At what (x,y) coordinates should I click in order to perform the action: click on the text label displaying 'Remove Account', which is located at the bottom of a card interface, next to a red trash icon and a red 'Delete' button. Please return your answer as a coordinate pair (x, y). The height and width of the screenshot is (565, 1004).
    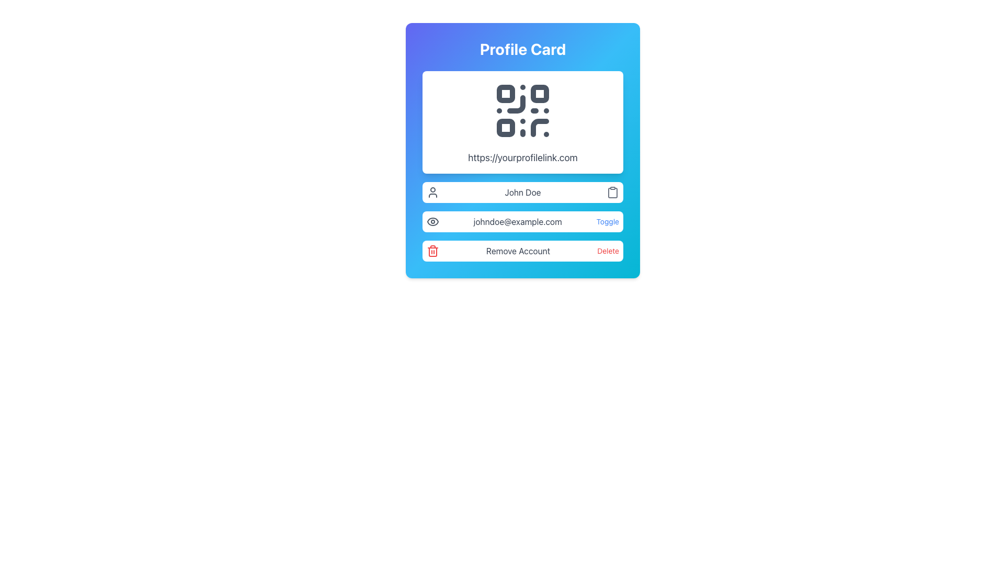
    Looking at the image, I should click on (518, 251).